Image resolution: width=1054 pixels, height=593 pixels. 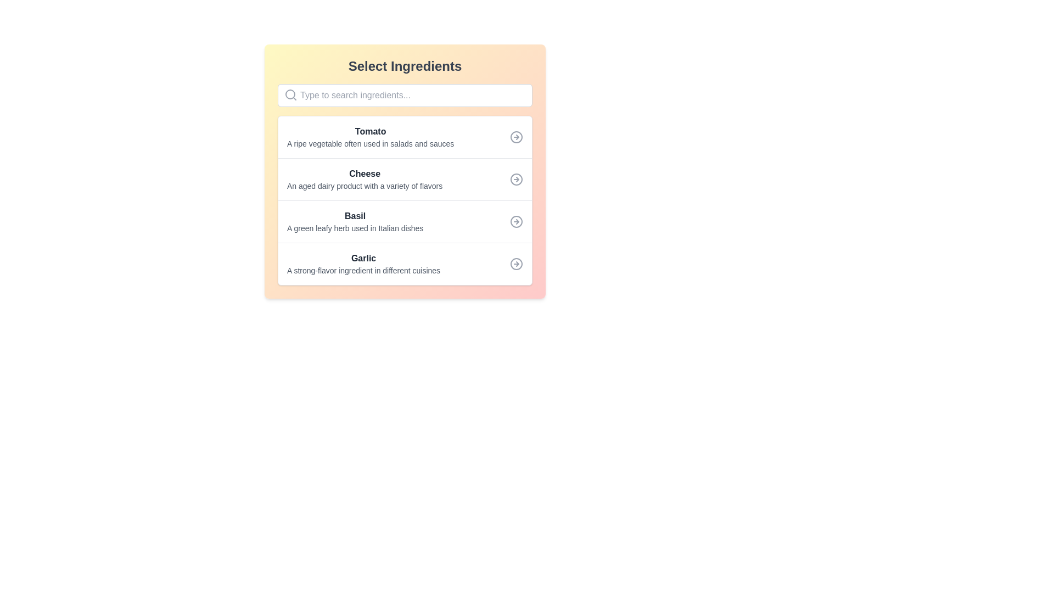 I want to click on the circular icon with a right-pointing gray arrow located in the 'Cheese' row at the far right, so click(x=515, y=179).